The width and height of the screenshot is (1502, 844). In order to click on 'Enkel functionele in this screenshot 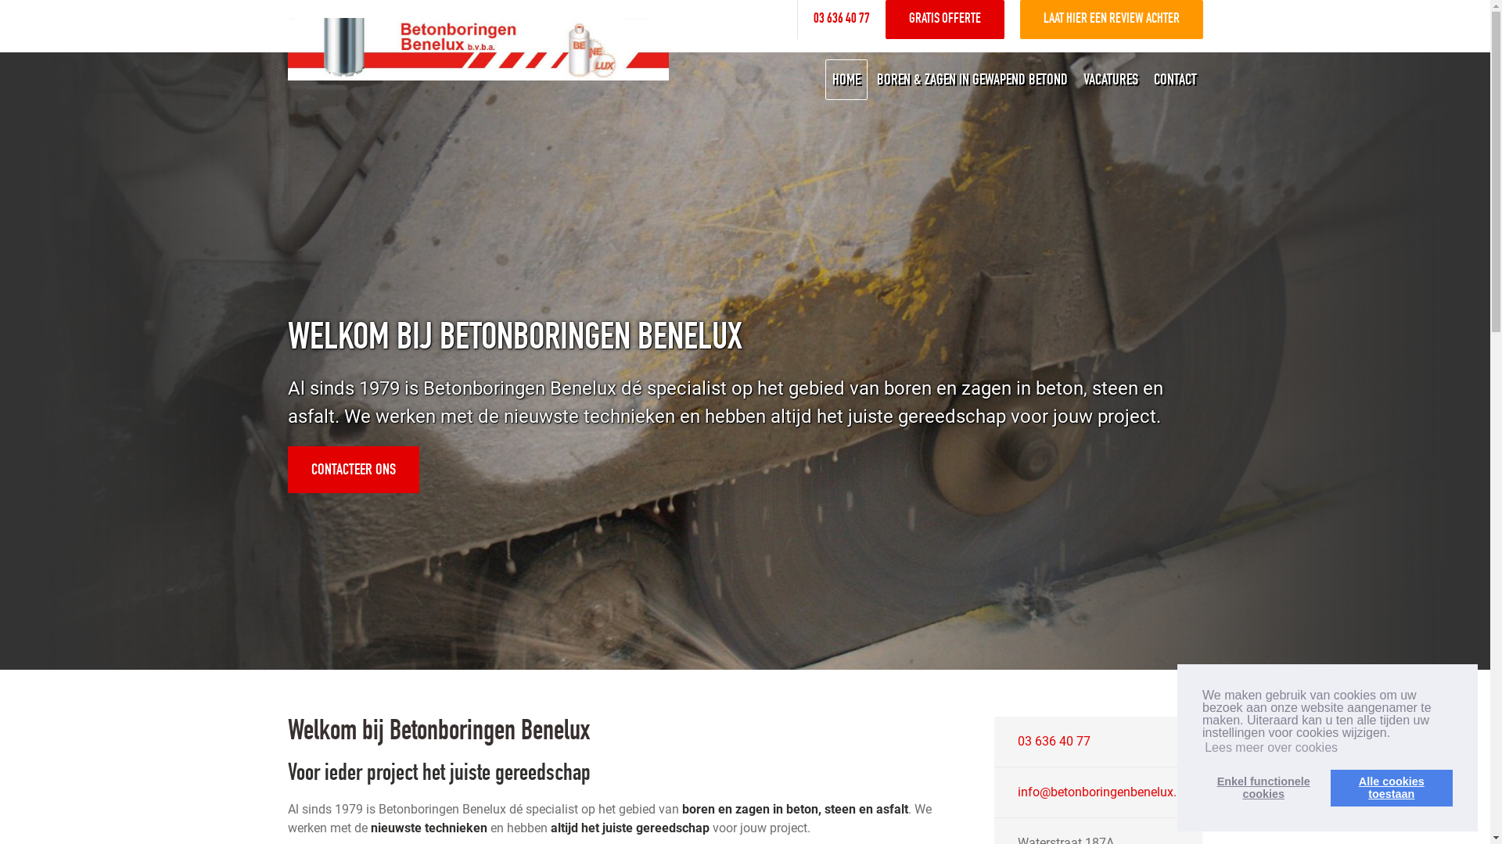, I will do `click(1201, 787)`.